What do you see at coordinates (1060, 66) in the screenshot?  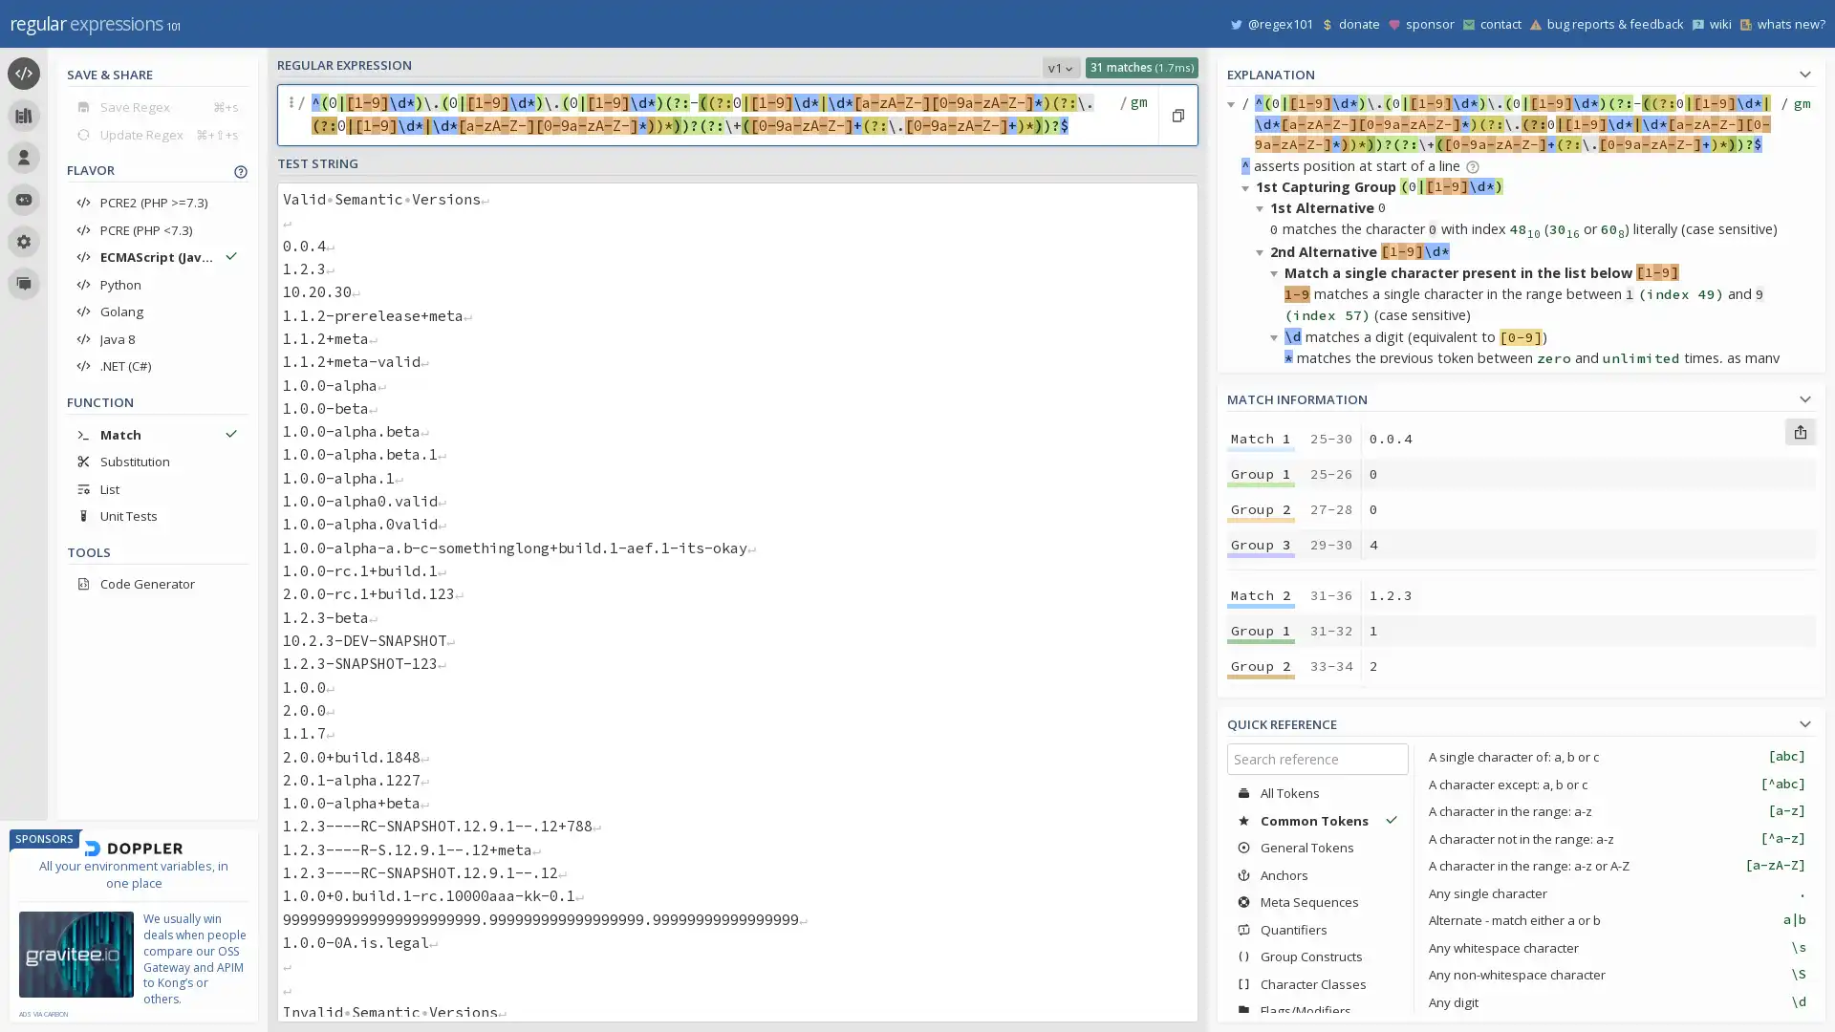 I see `Select Regex Version` at bounding box center [1060, 66].